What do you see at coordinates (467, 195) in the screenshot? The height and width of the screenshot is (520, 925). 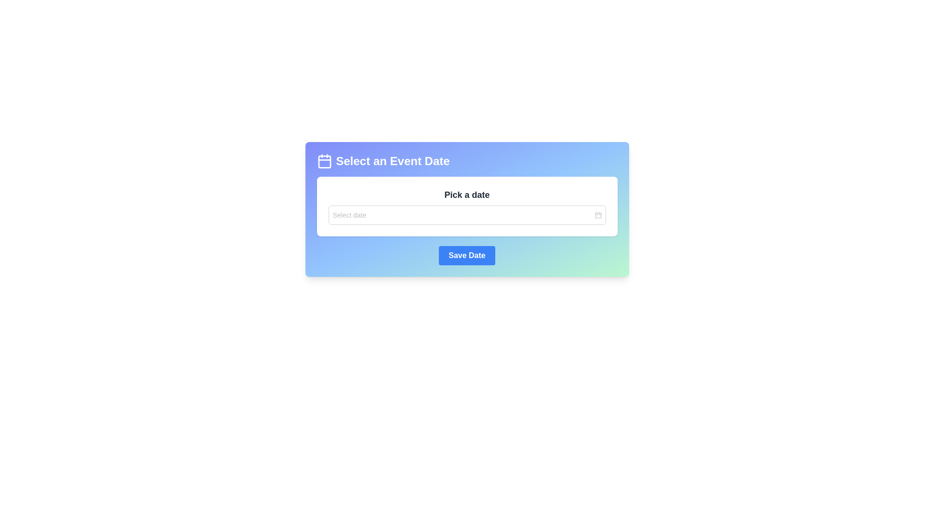 I see `the static text indicating to the user to pick a date, which is positioned above the date input field` at bounding box center [467, 195].